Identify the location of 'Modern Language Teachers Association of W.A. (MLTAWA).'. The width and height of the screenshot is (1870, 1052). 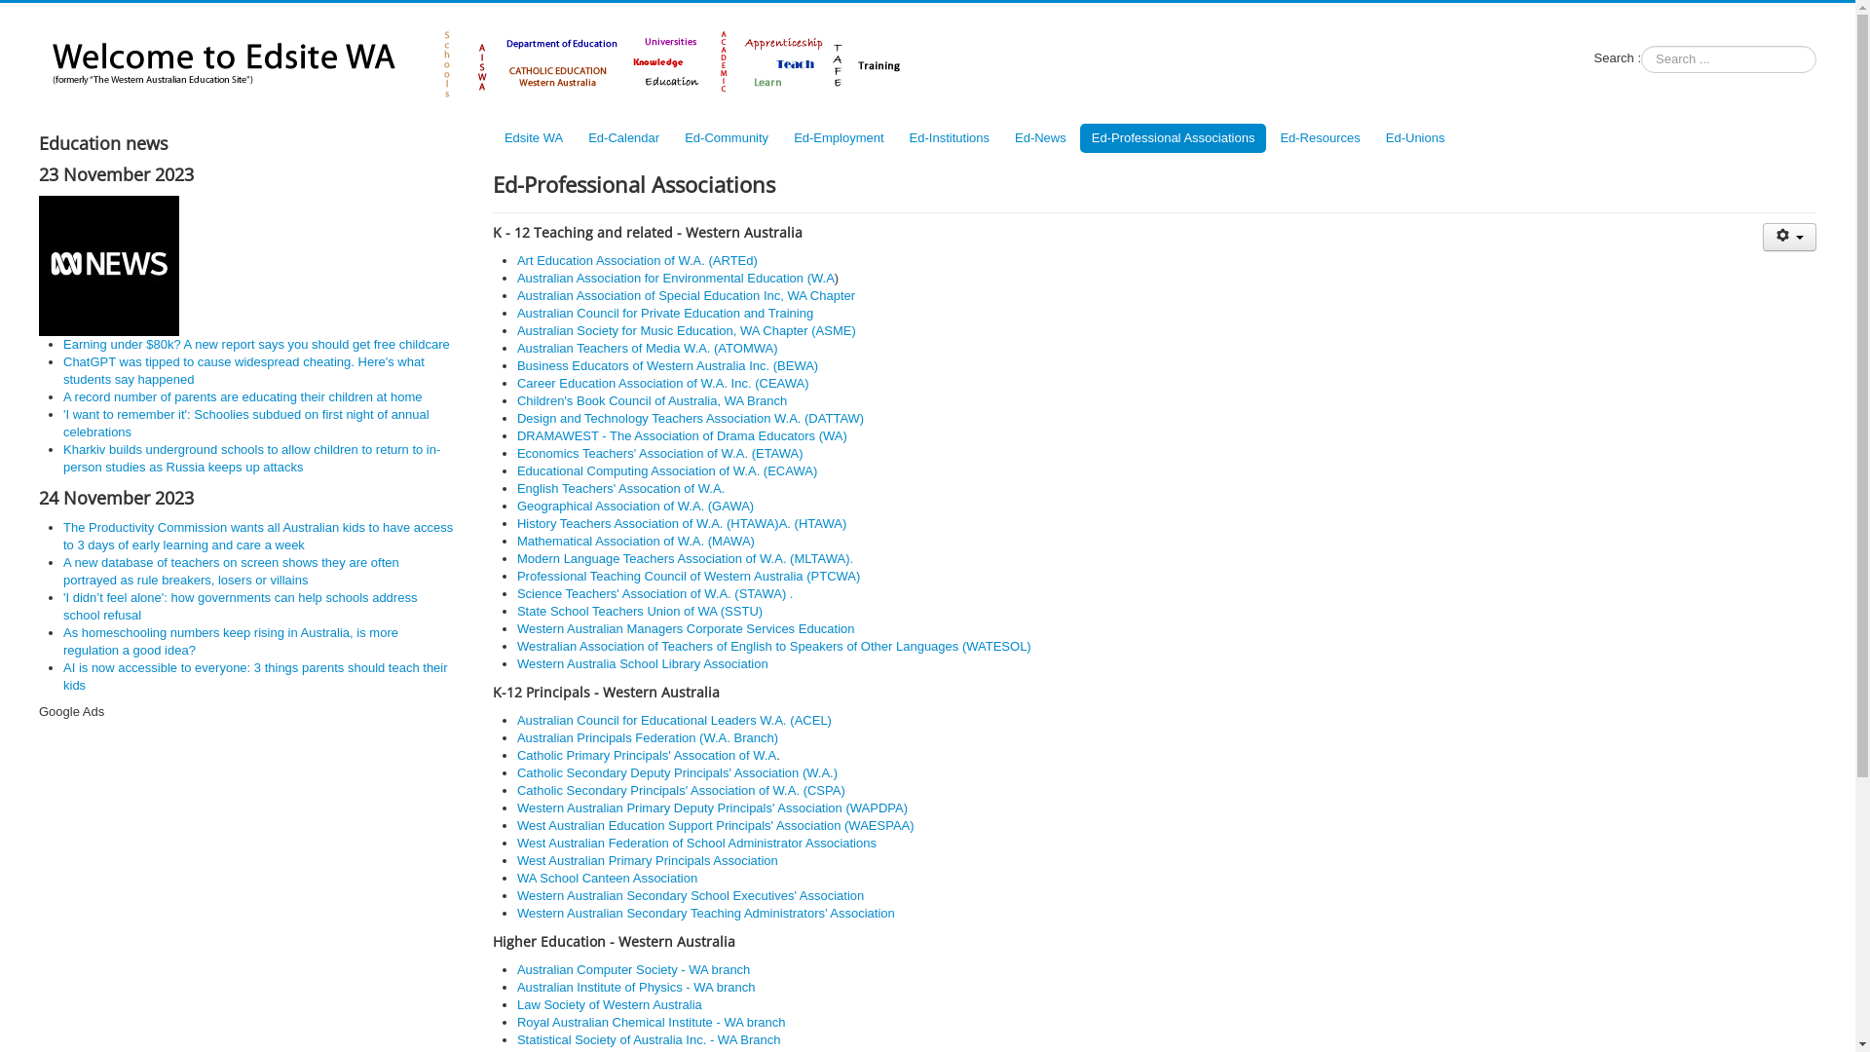
(685, 558).